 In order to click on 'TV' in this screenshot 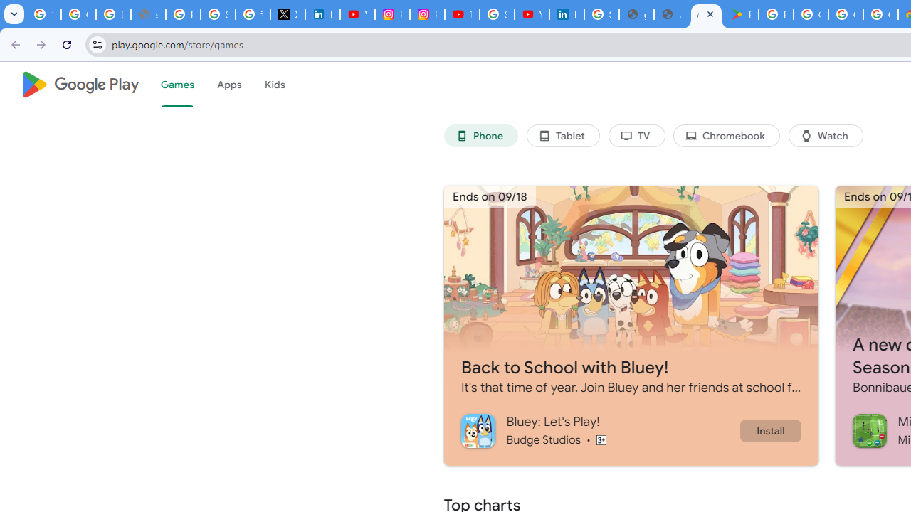, I will do `click(636, 136)`.